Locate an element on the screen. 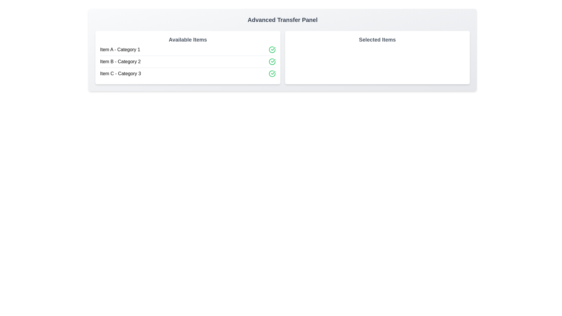  the confirmation icon adjacent to 'Item B - Category 2' in the 'Available Items' panel is located at coordinates (273, 61).